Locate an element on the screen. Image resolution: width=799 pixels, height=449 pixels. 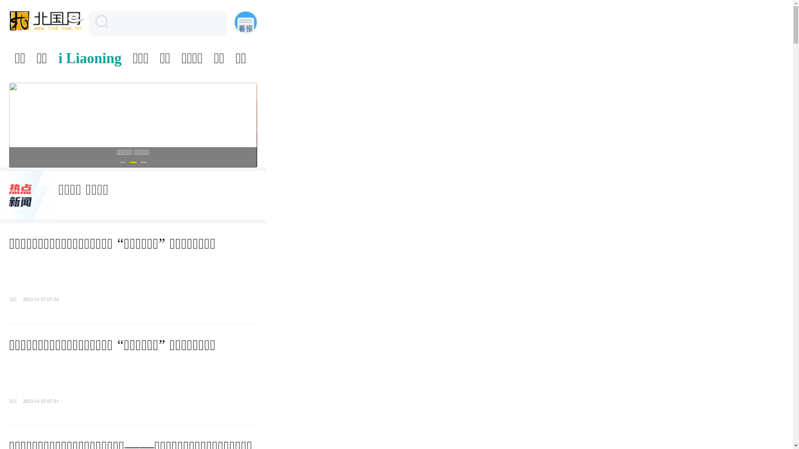
'i Liaoning' is located at coordinates (57, 58).